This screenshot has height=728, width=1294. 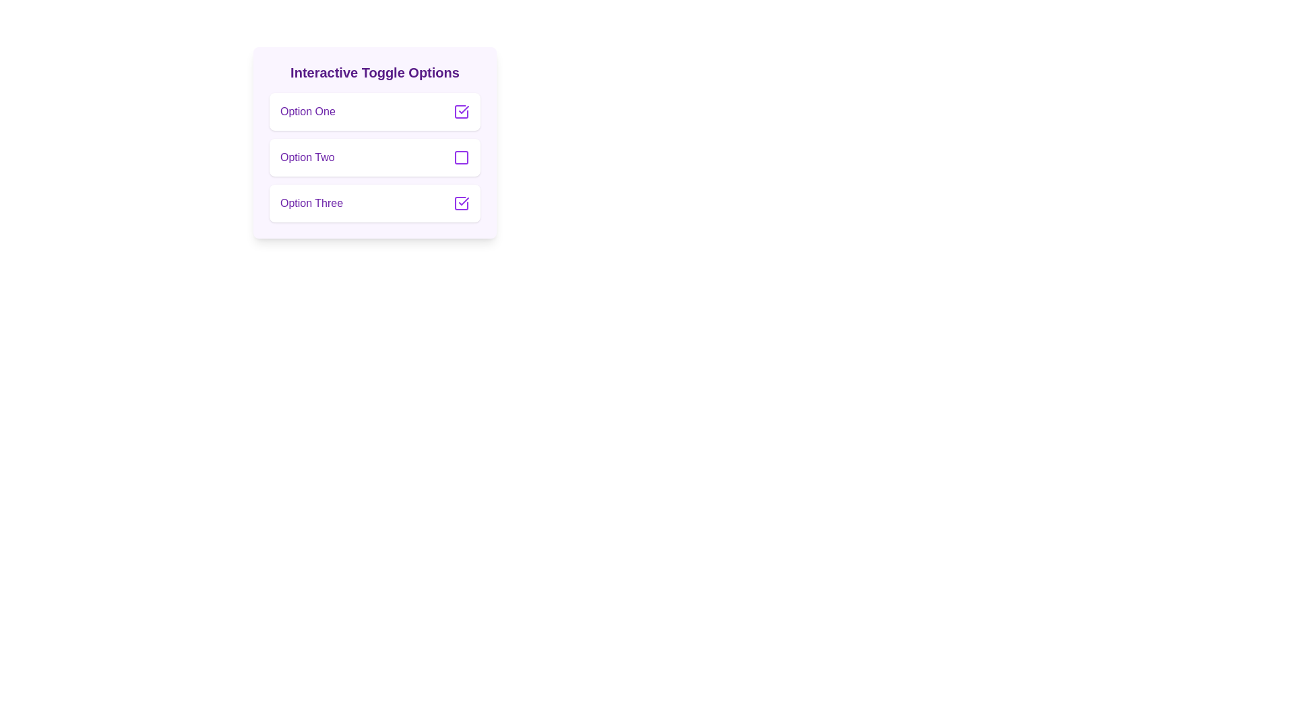 I want to click on the interactive checkbox with a checkmark icon located to the right of the label 'Option Three' in the 'Interactive Toggle Options' list, so click(x=462, y=203).